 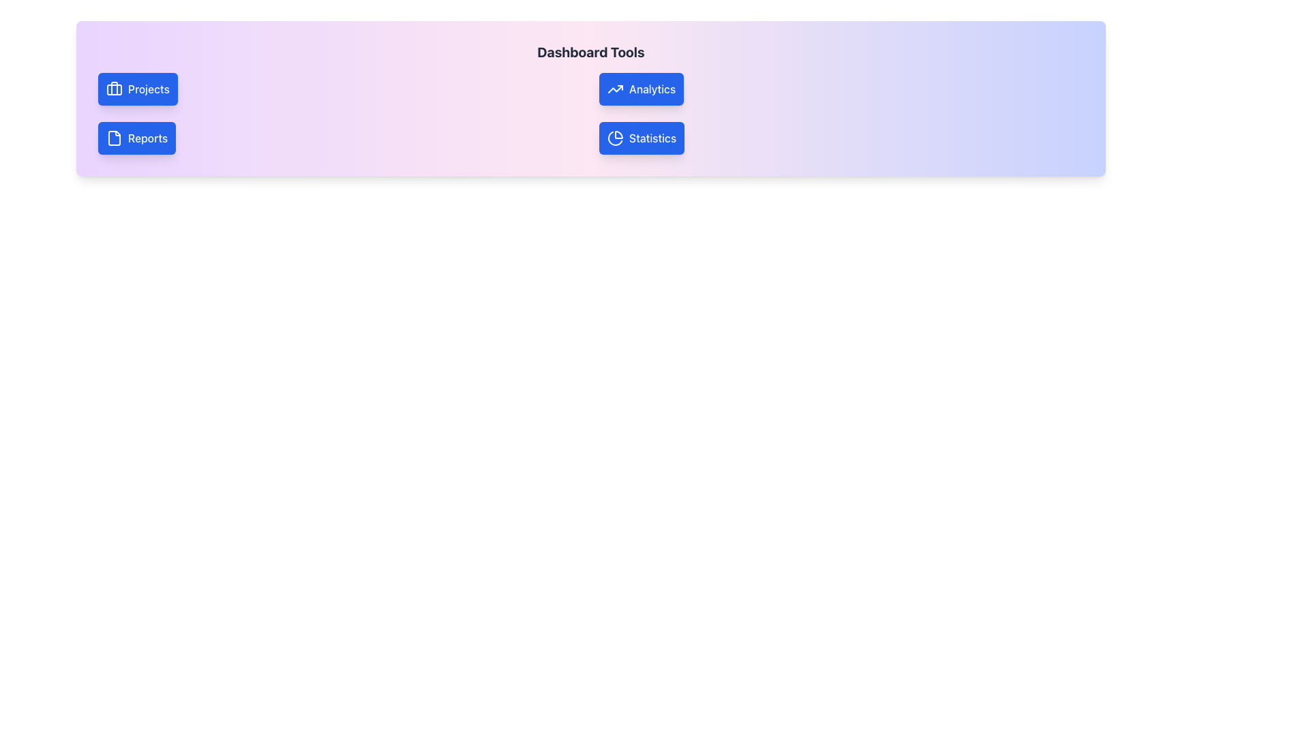 I want to click on the rectangular icon representing a file associated with the 'Reports' button, so click(x=115, y=138).